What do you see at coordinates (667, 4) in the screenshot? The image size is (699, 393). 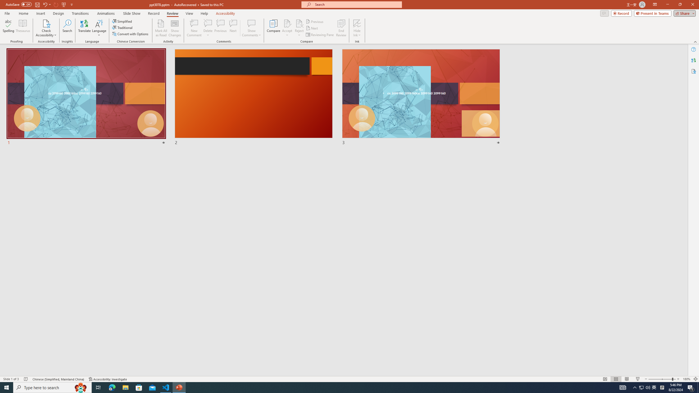 I see `'Minimize'` at bounding box center [667, 4].